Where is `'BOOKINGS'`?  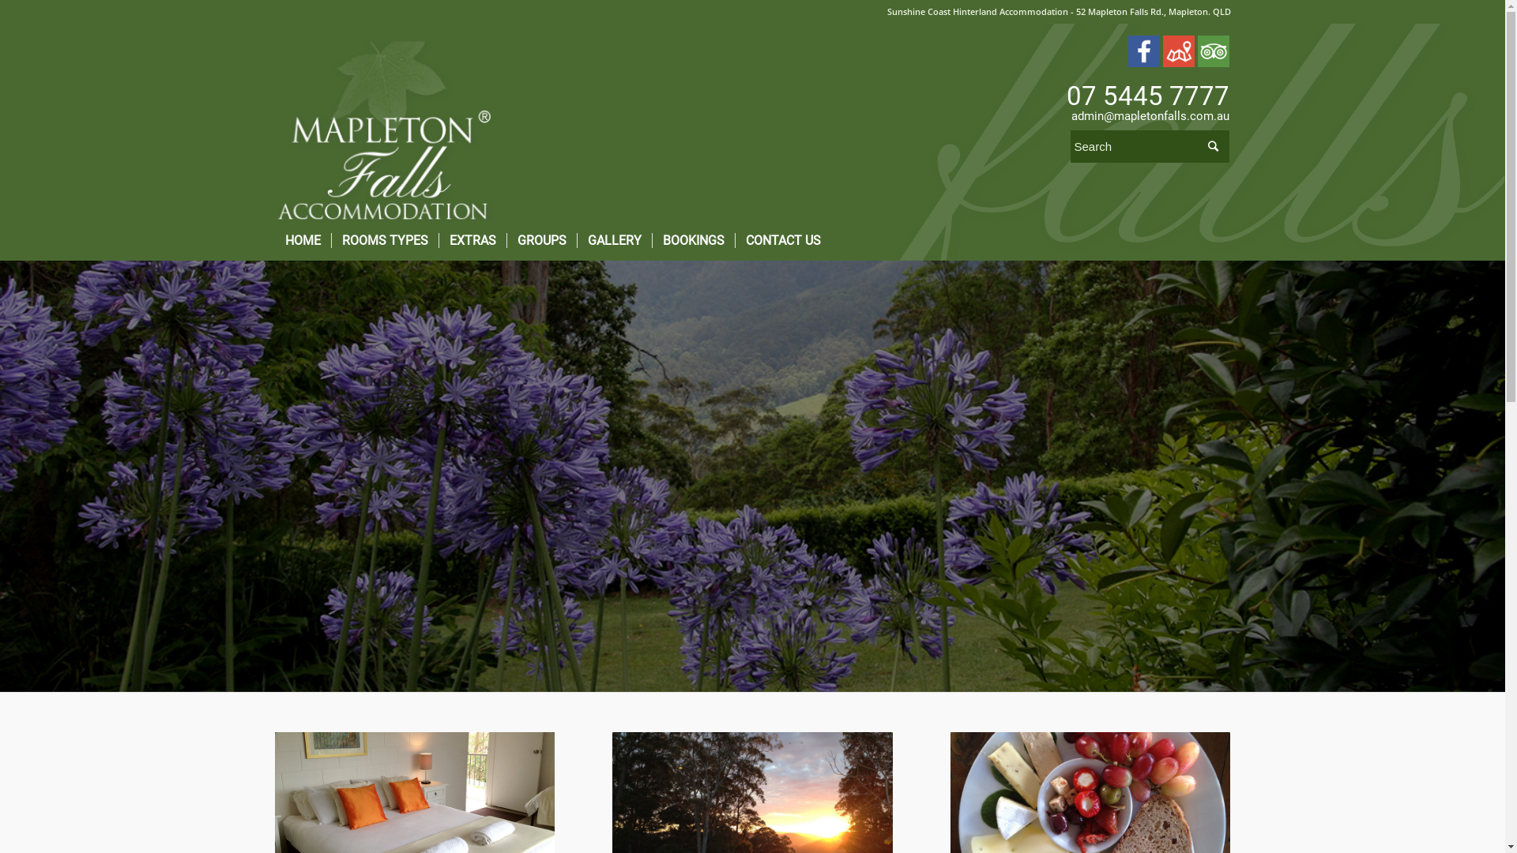
'BOOKINGS' is located at coordinates (692, 240).